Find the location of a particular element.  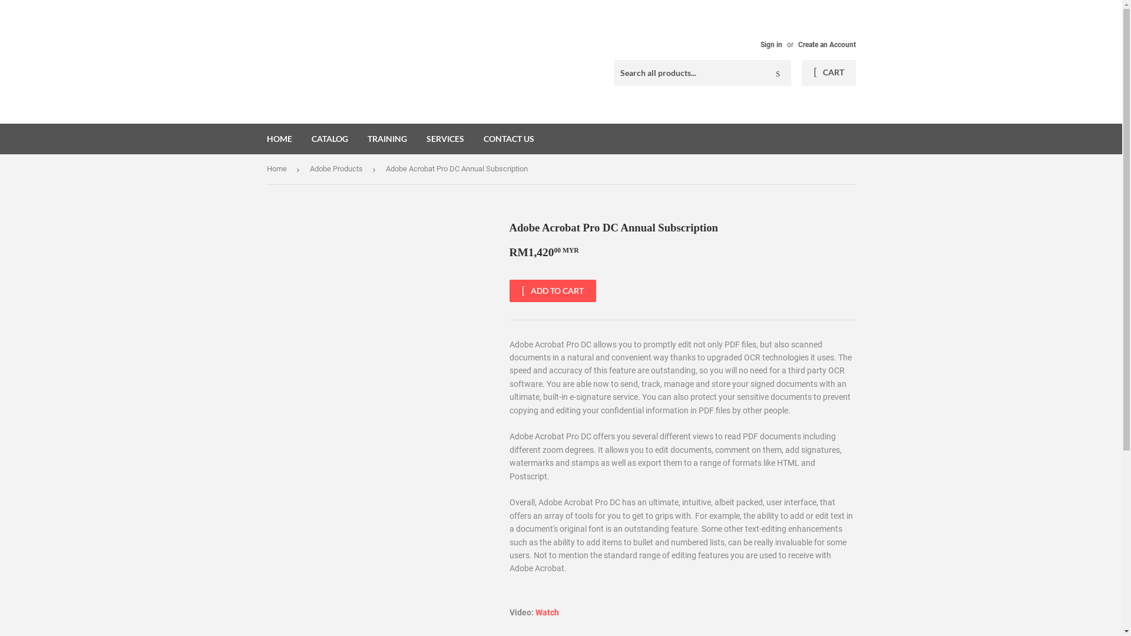

'Sign in' is located at coordinates (760, 44).